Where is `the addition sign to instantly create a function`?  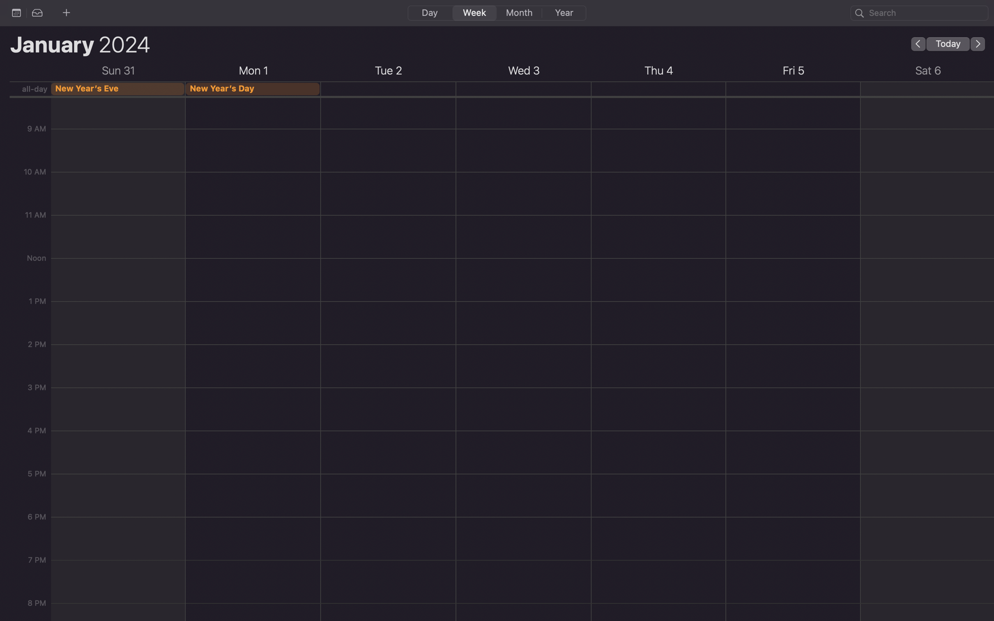 the addition sign to instantly create a function is located at coordinates (66, 12).